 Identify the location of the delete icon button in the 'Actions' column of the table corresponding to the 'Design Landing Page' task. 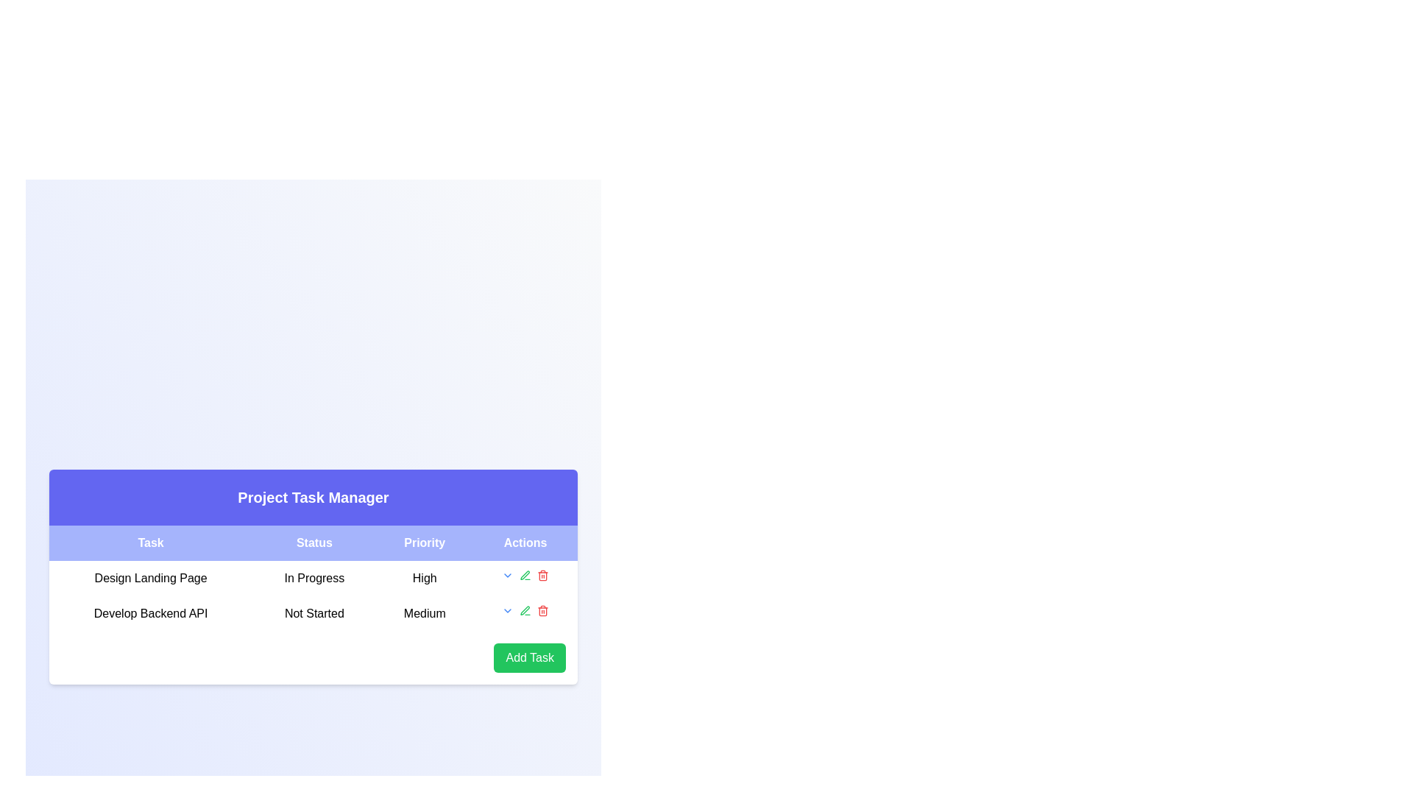
(542, 575).